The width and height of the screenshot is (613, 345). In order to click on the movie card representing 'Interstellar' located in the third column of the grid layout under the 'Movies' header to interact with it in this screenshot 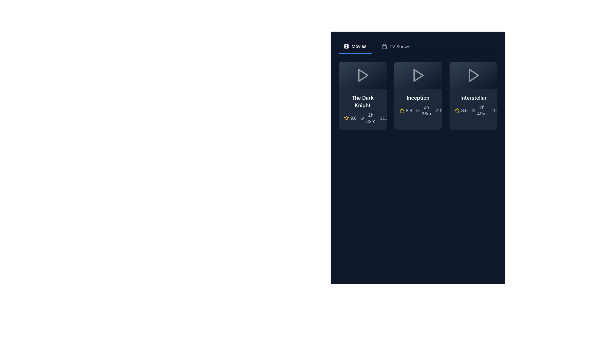, I will do `click(473, 96)`.